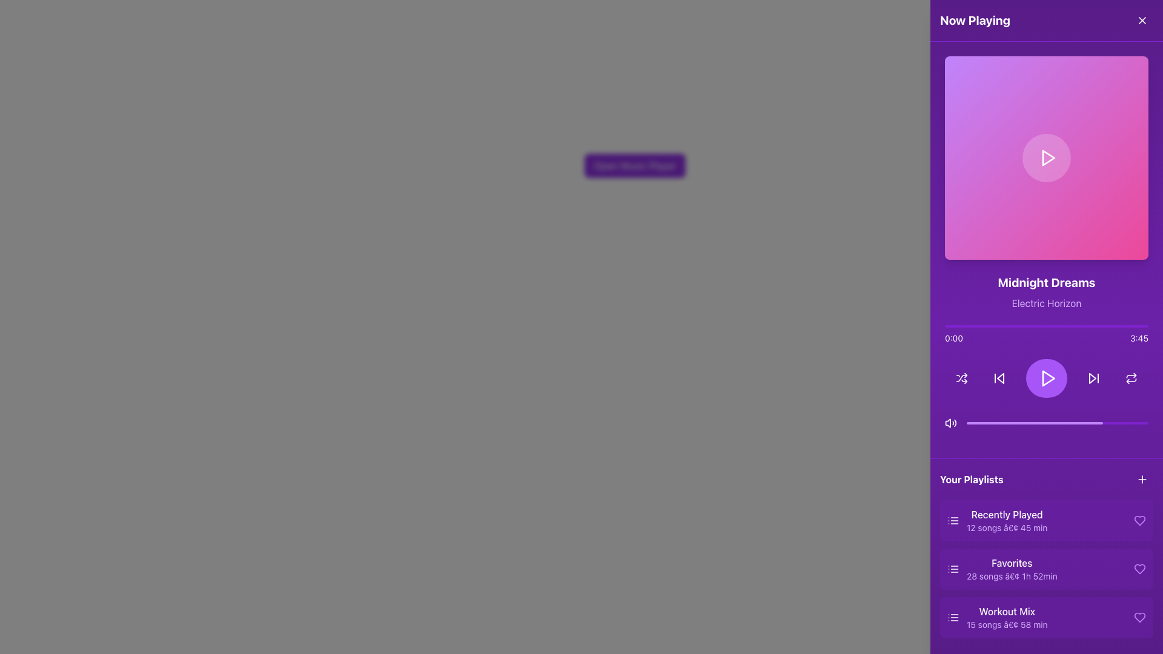  I want to click on the small white icon representing a list with three horizontal lines located within the purple background in the 'Recently Played' section of the 'Your Playlists' panel, positioned to the left of the text 'Recently Played', so click(953, 520).